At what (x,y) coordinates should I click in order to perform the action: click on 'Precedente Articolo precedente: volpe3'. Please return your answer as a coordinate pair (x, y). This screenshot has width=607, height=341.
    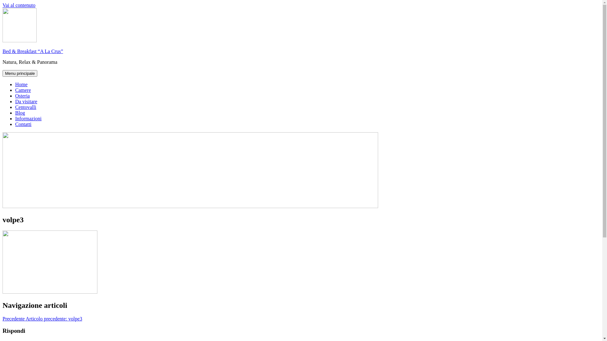
    Looking at the image, I should click on (42, 319).